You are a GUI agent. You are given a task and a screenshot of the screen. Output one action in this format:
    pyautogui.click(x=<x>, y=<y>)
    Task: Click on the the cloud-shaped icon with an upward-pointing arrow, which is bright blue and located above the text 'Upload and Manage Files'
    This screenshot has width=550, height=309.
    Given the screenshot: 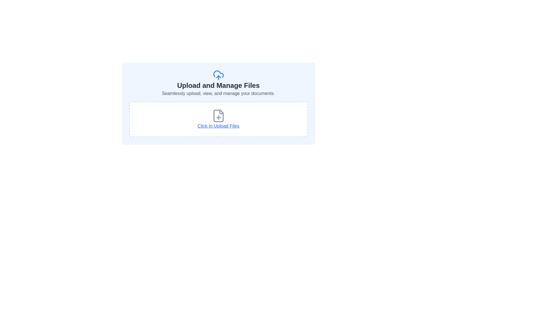 What is the action you would take?
    pyautogui.click(x=218, y=75)
    